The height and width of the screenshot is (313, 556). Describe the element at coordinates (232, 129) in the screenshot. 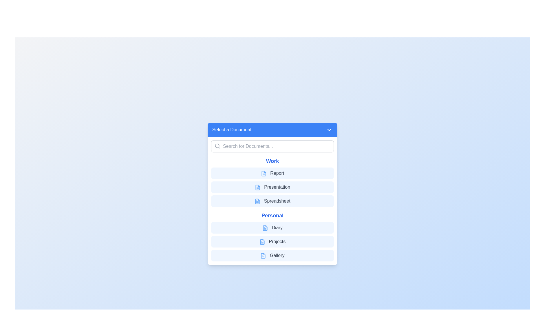

I see `the text label reading 'Select a Document' which is styled in white text on a blue background, located at the top portion of a dropdown interface` at that location.